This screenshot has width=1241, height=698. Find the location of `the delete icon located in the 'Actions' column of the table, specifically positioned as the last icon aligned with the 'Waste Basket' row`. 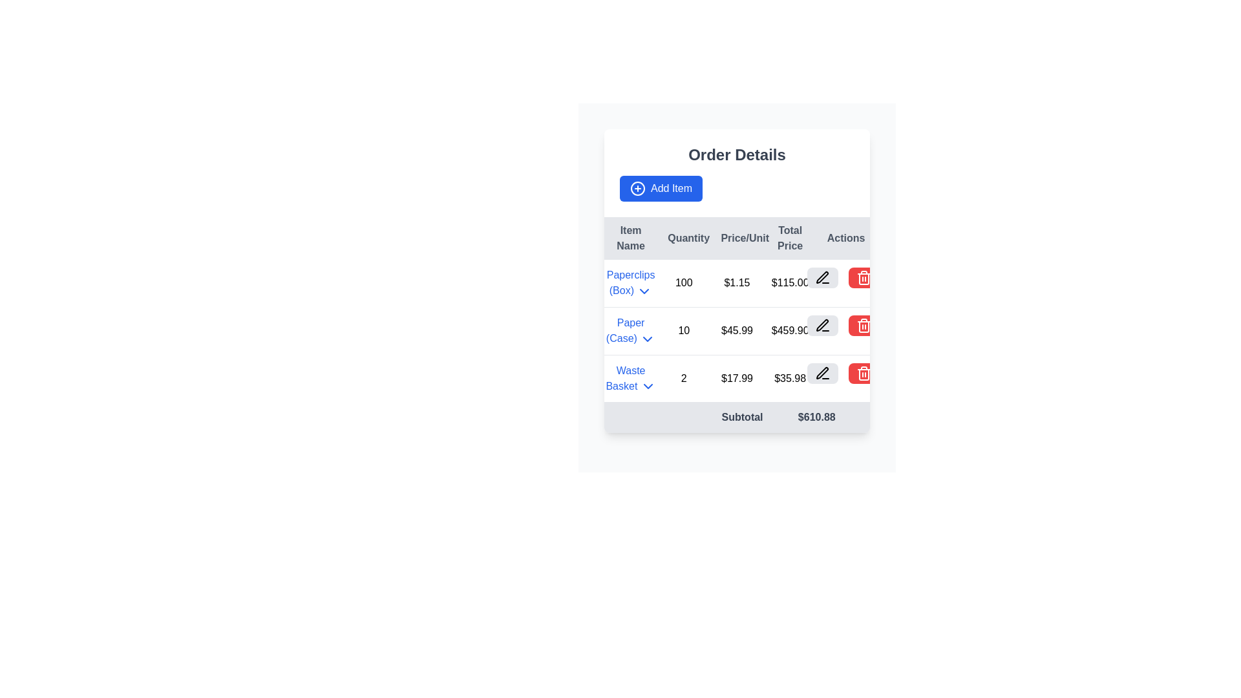

the delete icon located in the 'Actions' column of the table, specifically positioned as the last icon aligned with the 'Waste Basket' row is located at coordinates (864, 373).